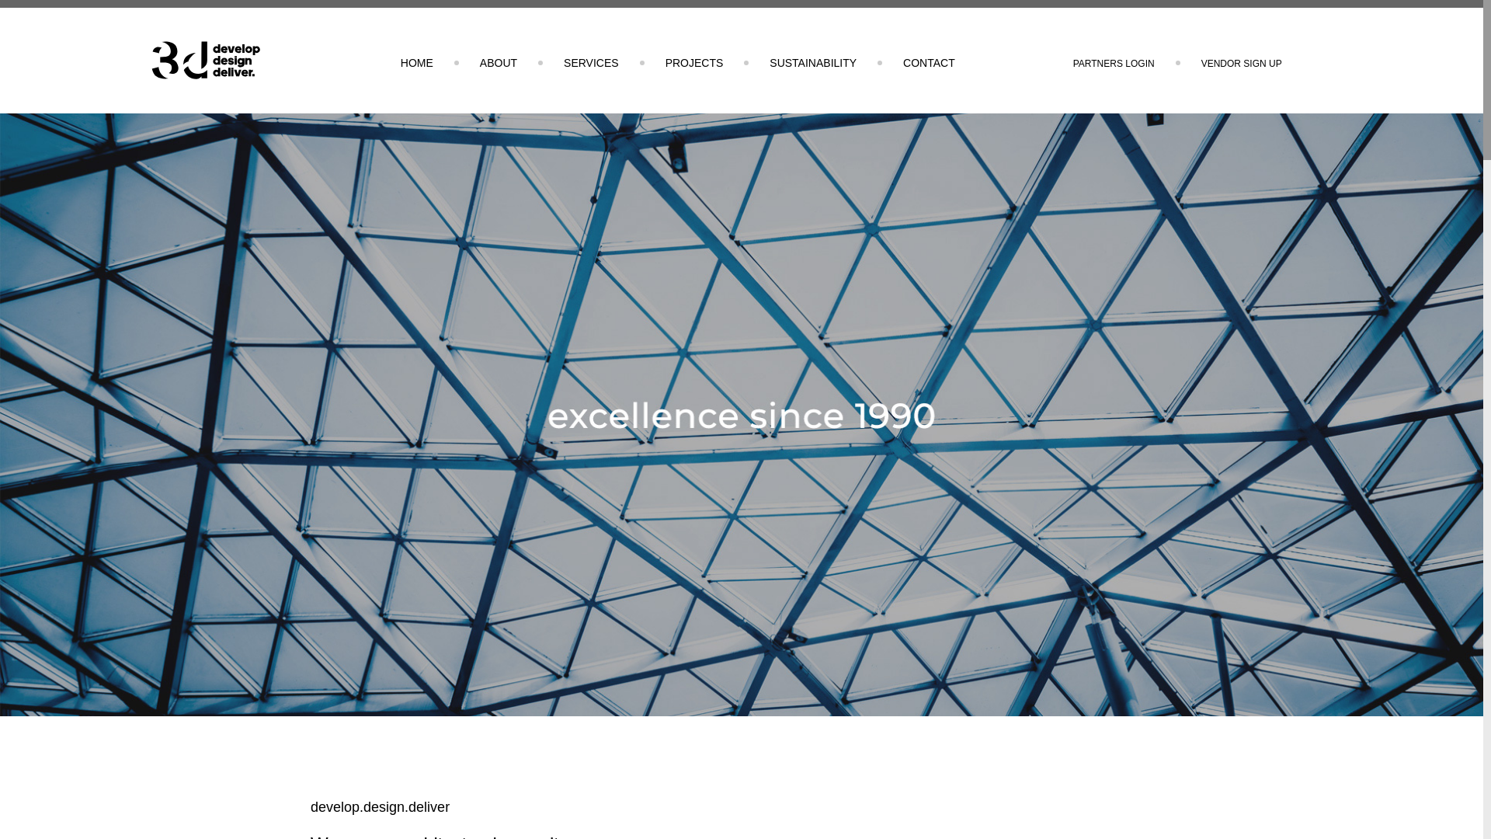 This screenshot has height=839, width=1491. Describe the element at coordinates (417, 62) in the screenshot. I see `'HOME'` at that location.